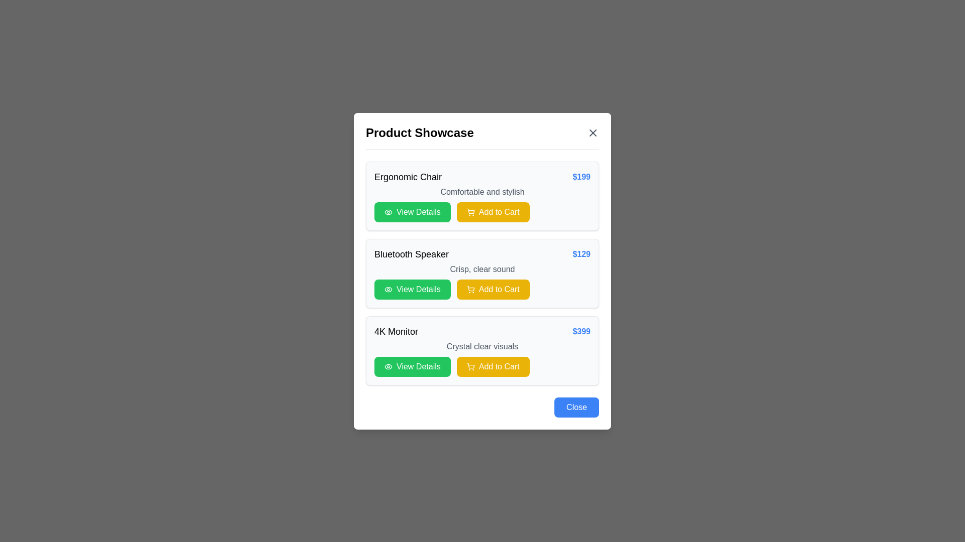 The height and width of the screenshot is (542, 965). Describe the element at coordinates (396, 331) in the screenshot. I see `product title label for '4K Monitor' located at the bottom left of the product card, which also displays the price '$399' on the right` at that location.